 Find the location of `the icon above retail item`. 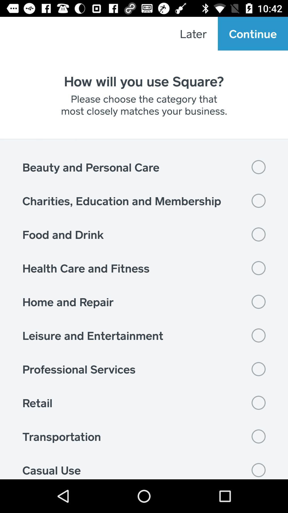

the icon above retail item is located at coordinates (144, 369).